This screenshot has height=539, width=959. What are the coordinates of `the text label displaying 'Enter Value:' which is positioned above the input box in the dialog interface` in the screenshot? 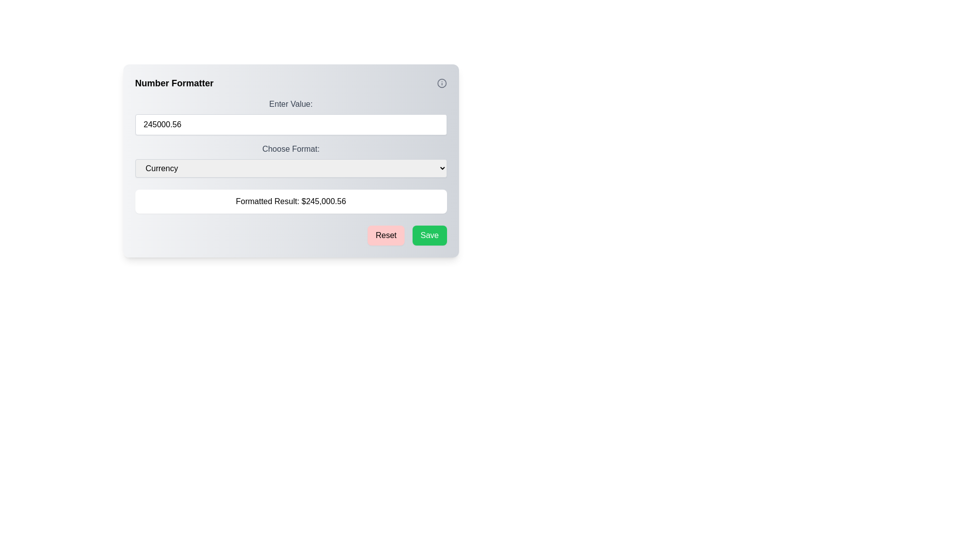 It's located at (290, 104).